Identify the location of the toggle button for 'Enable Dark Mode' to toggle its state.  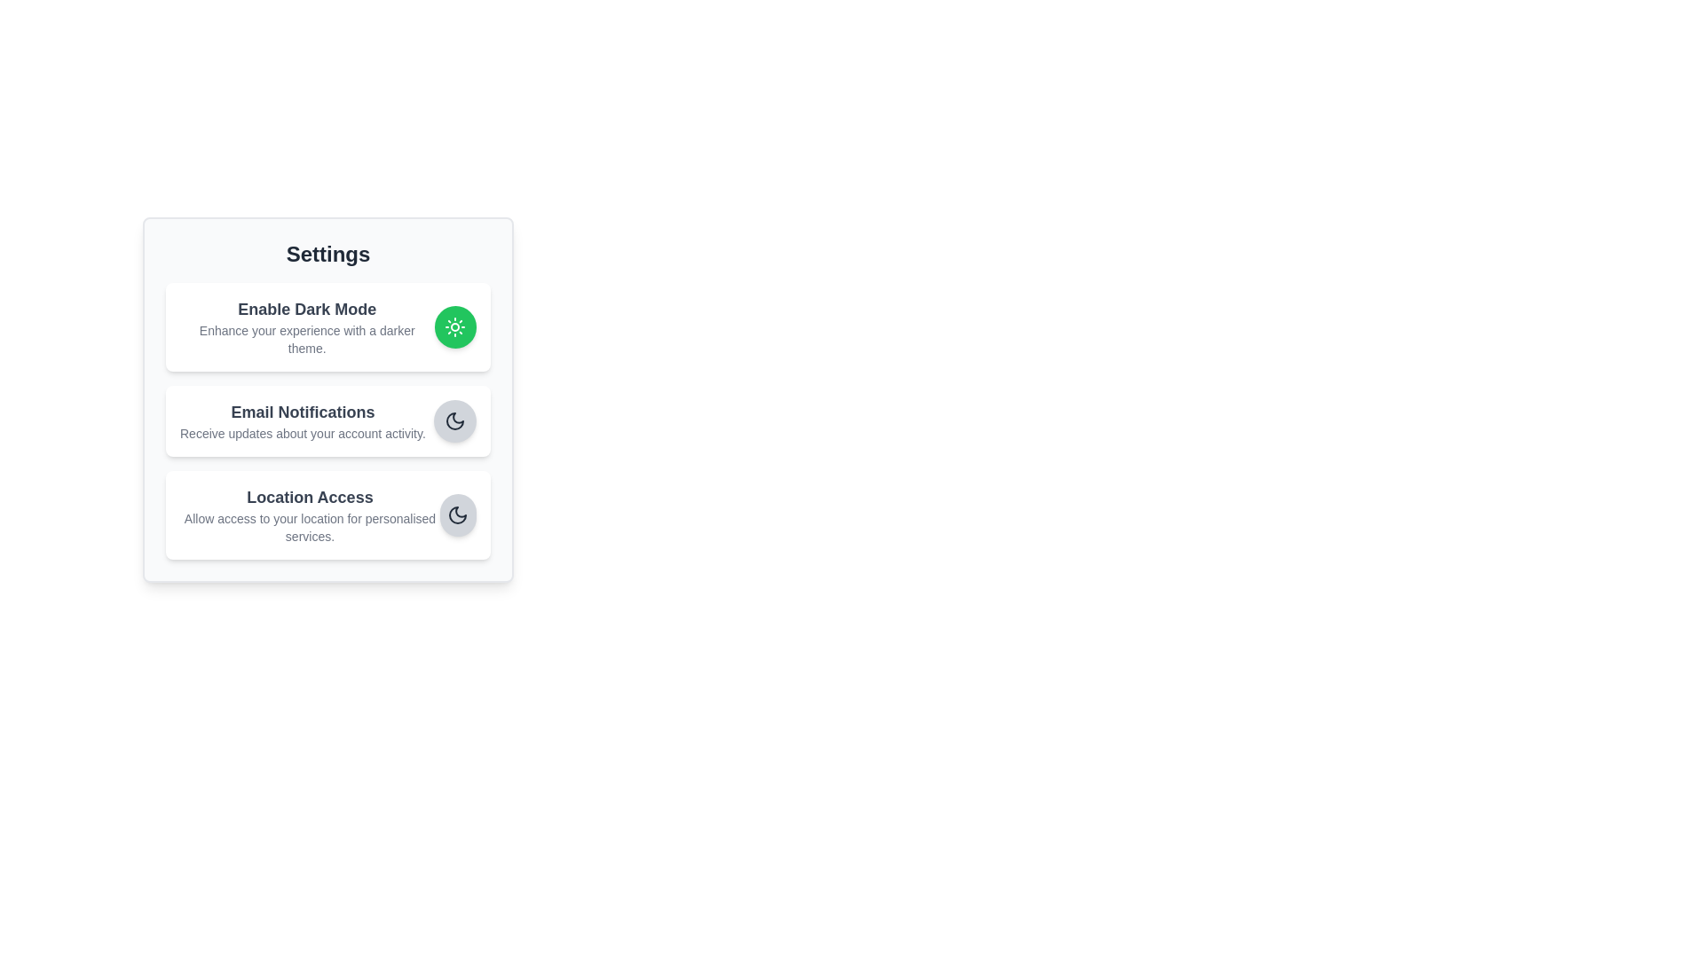
(455, 327).